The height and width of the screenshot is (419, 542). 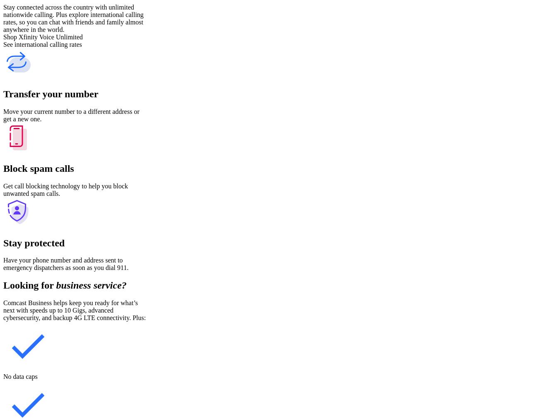 I want to click on 'business service?', so click(x=91, y=285).